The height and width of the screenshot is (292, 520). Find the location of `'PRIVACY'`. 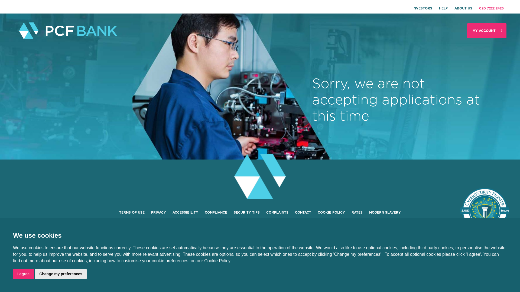

'PRIVACY' is located at coordinates (158, 212).